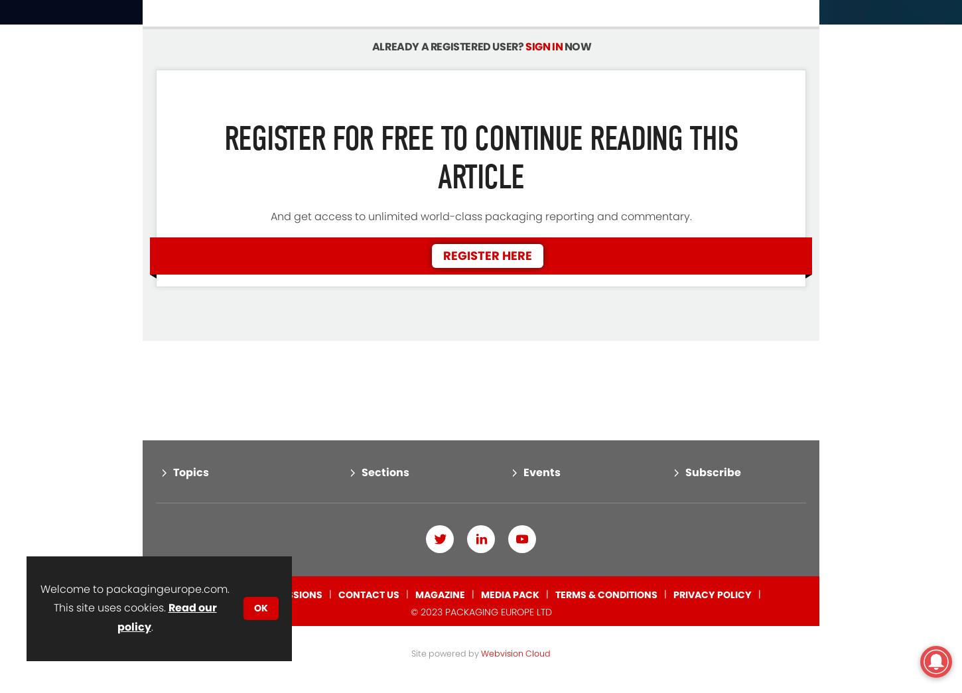 This screenshot has width=962, height=693. Describe the element at coordinates (712, 538) in the screenshot. I see `'Privacy Policy'` at that location.